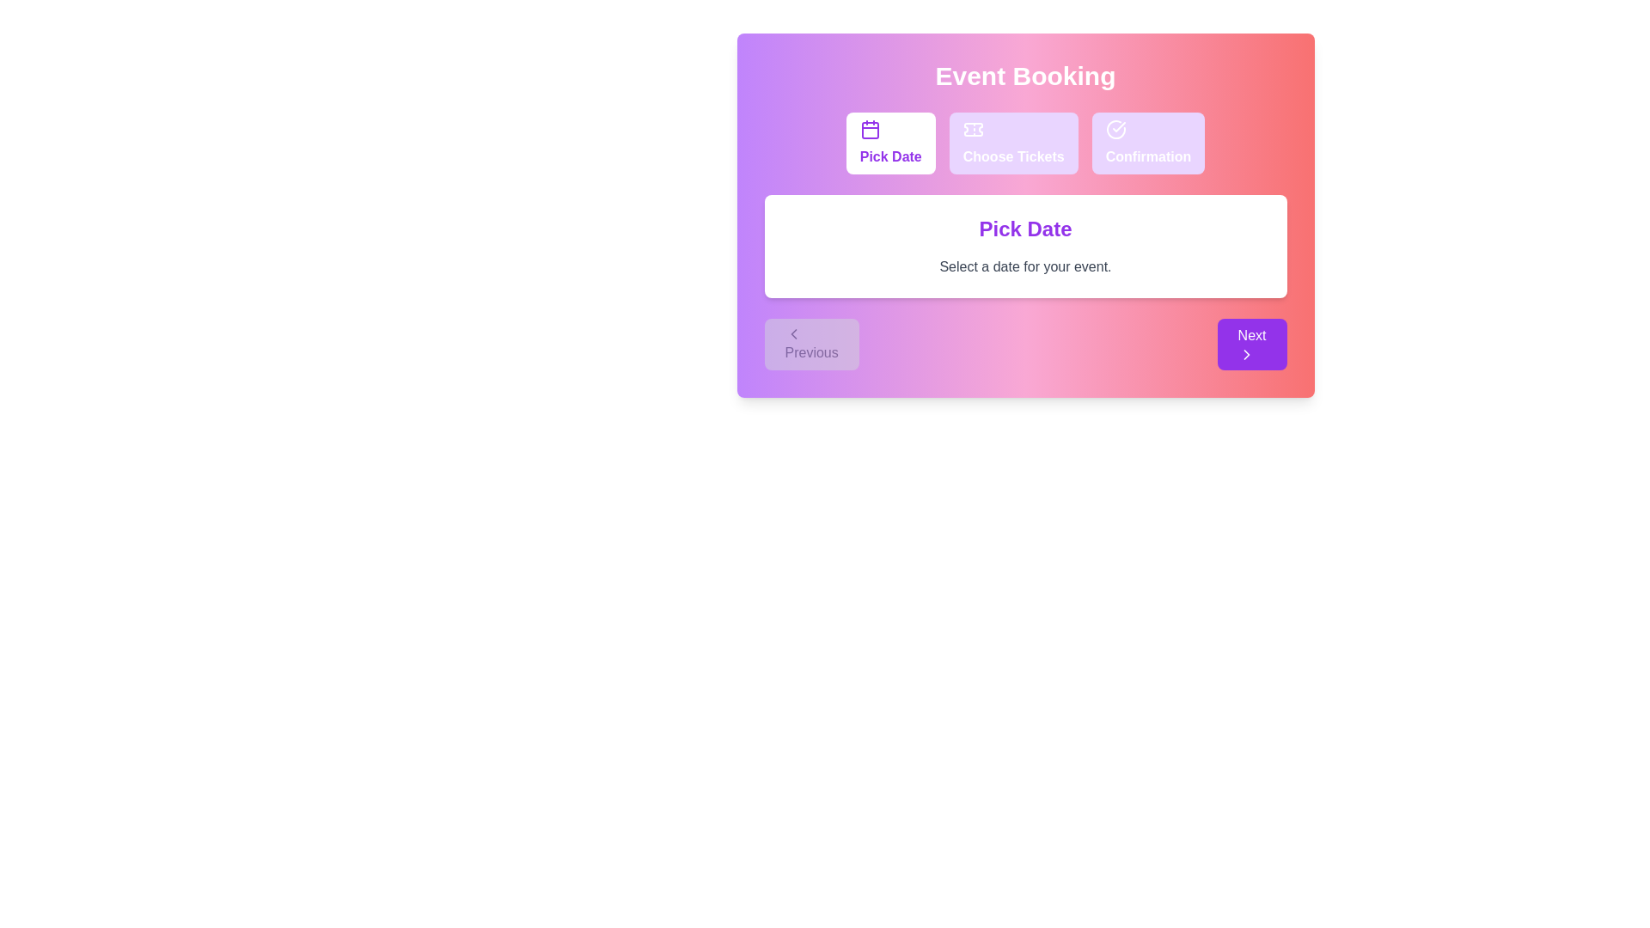  I want to click on the 'Pick Date' label, which is styled with bold purple text inside a white rectangular button with rounded corners and a purple border, located in the top-left corner of a gradient panel, so click(890, 156).